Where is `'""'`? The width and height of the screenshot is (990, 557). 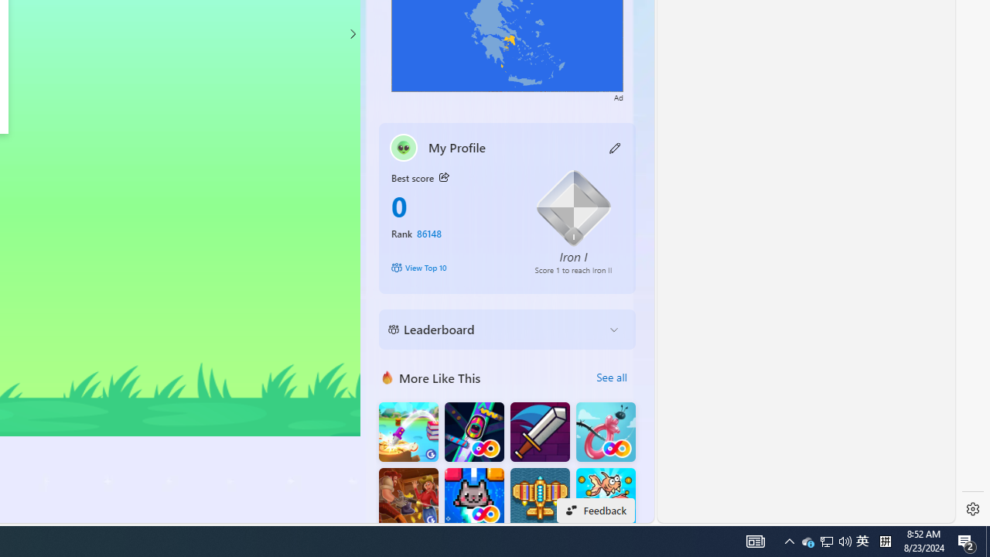
'""' is located at coordinates (404, 147).